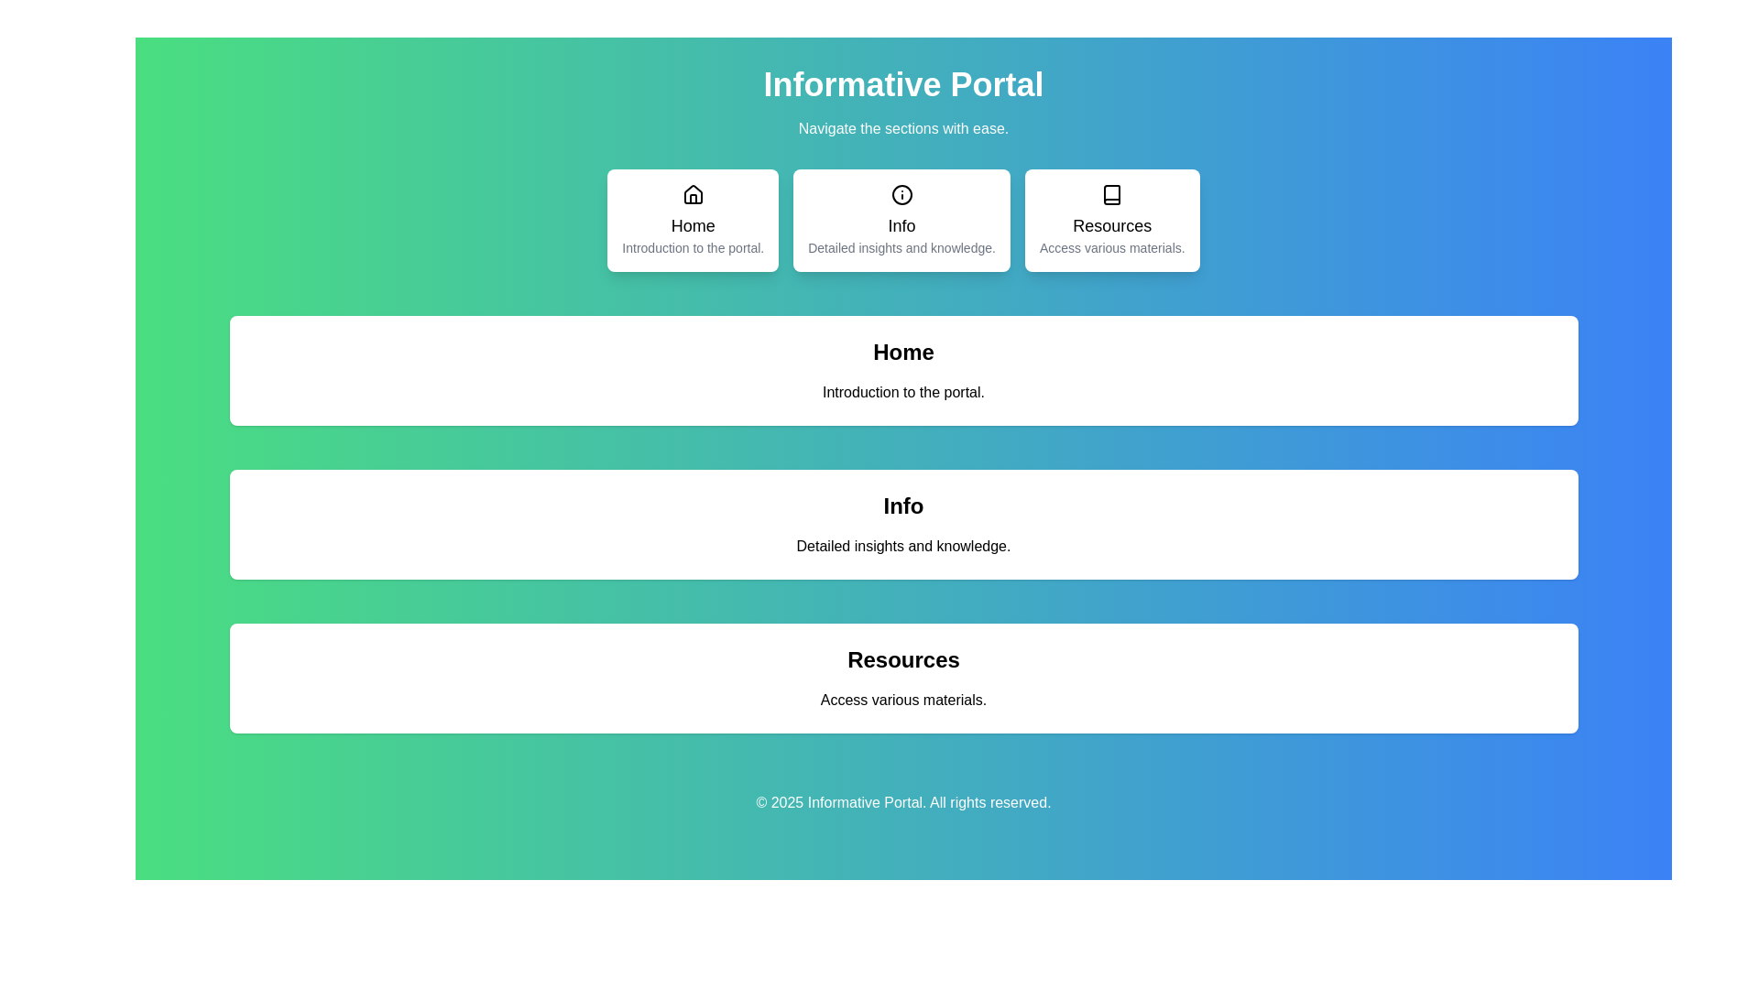 The height and width of the screenshot is (989, 1759). I want to click on the stylized house icon located at the top of the 'Home' card in the 'Informative Portal' section, so click(692, 194).